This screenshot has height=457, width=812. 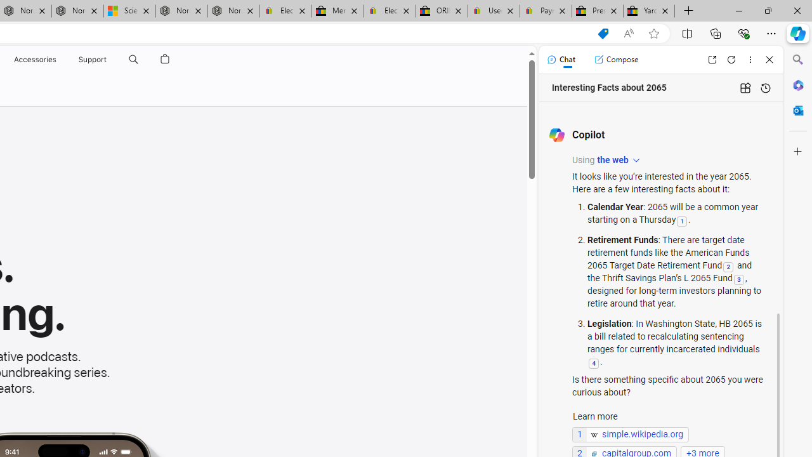 What do you see at coordinates (109, 59) in the screenshot?
I see `'Class: globalnav-submenu-trigger-item'` at bounding box center [109, 59].